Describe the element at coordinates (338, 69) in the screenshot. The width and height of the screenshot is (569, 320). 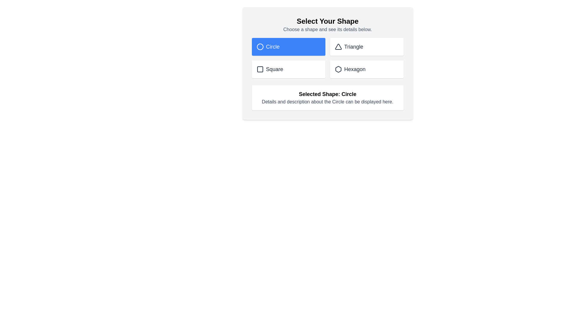
I see `the hexagonal outline icon located adjacent to the 'Hexagon' label text in the bottom-right group of the shape selection area` at that location.